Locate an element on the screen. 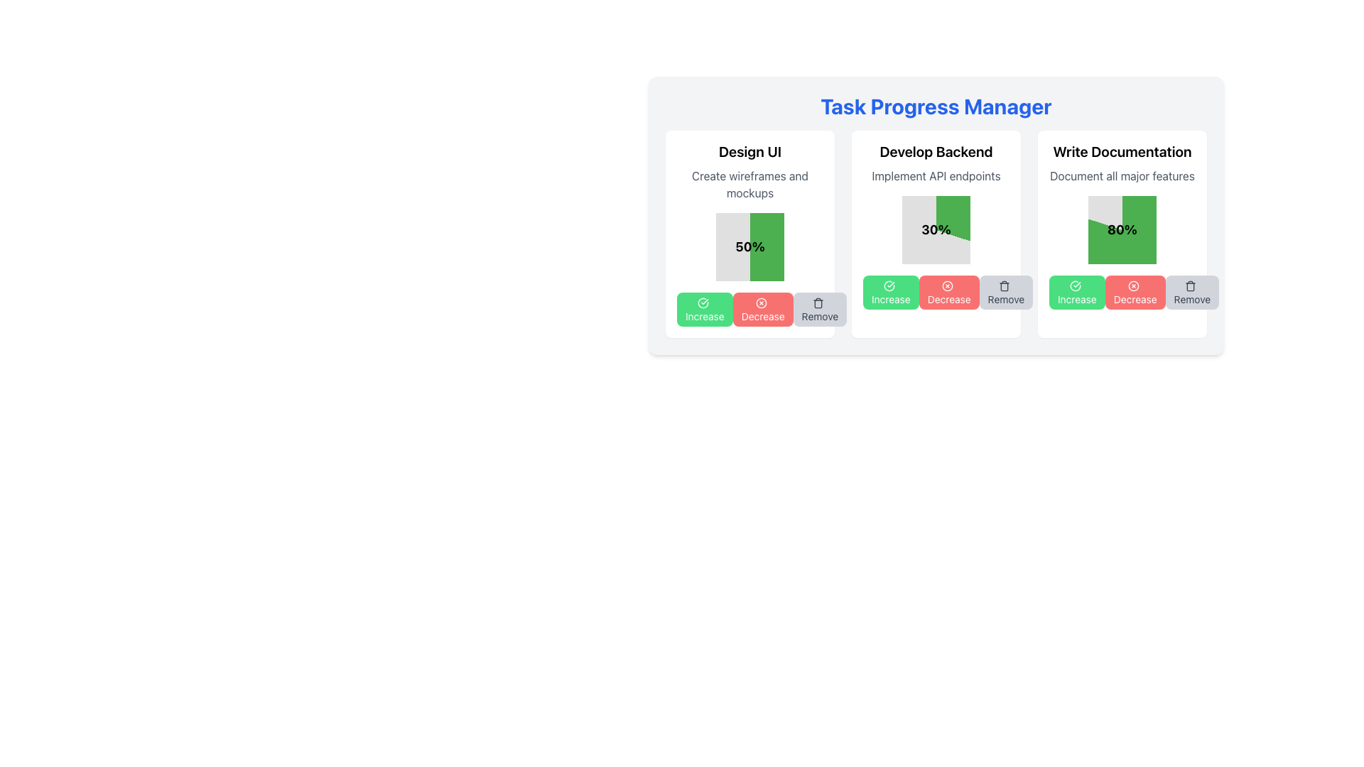  the 'Decrease' button is located at coordinates (1135, 292).